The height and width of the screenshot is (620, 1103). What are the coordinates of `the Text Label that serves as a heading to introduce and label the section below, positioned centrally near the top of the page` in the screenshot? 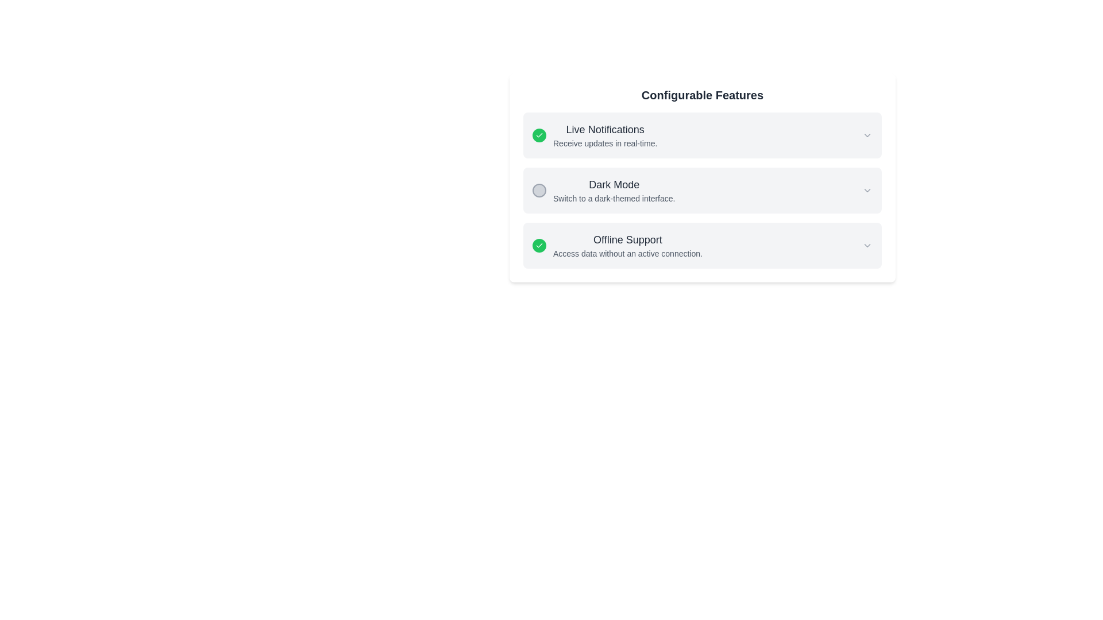 It's located at (702, 94).